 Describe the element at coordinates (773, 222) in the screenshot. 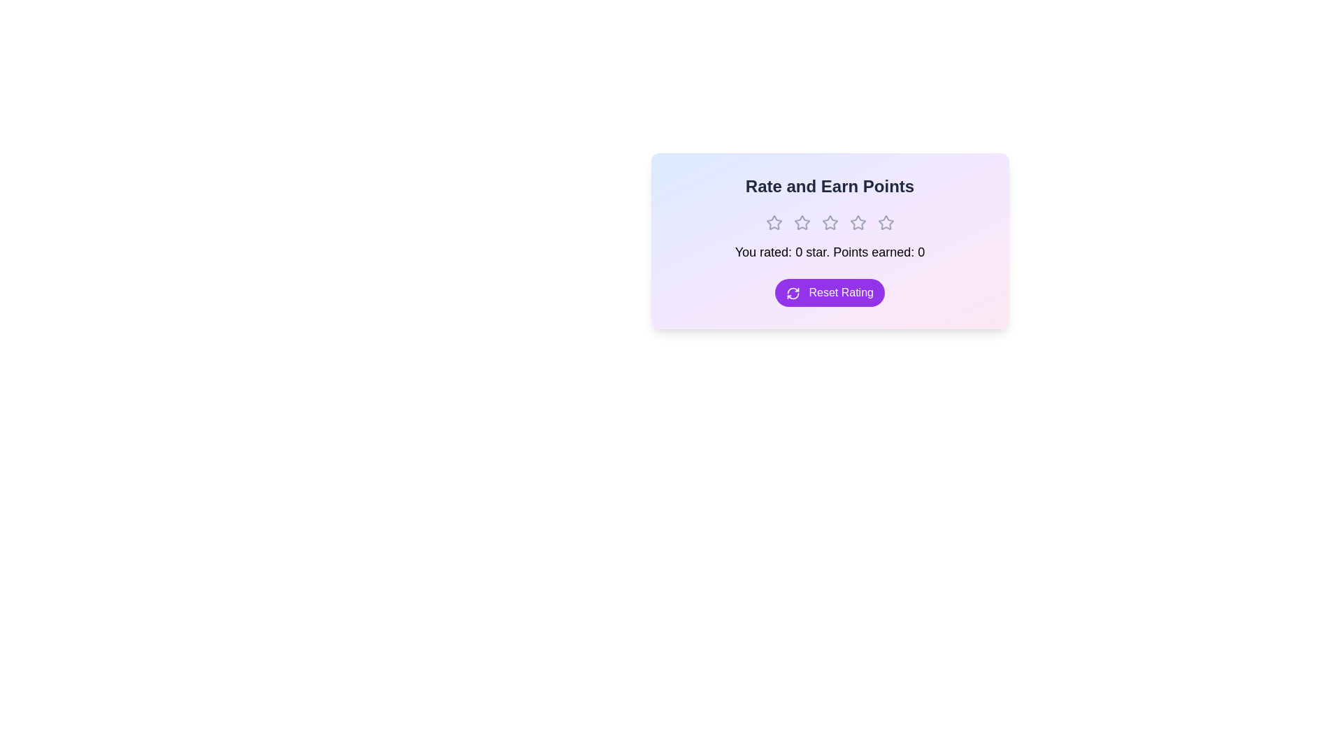

I see `the rating to 1 stars by clicking on the corresponding star` at that location.